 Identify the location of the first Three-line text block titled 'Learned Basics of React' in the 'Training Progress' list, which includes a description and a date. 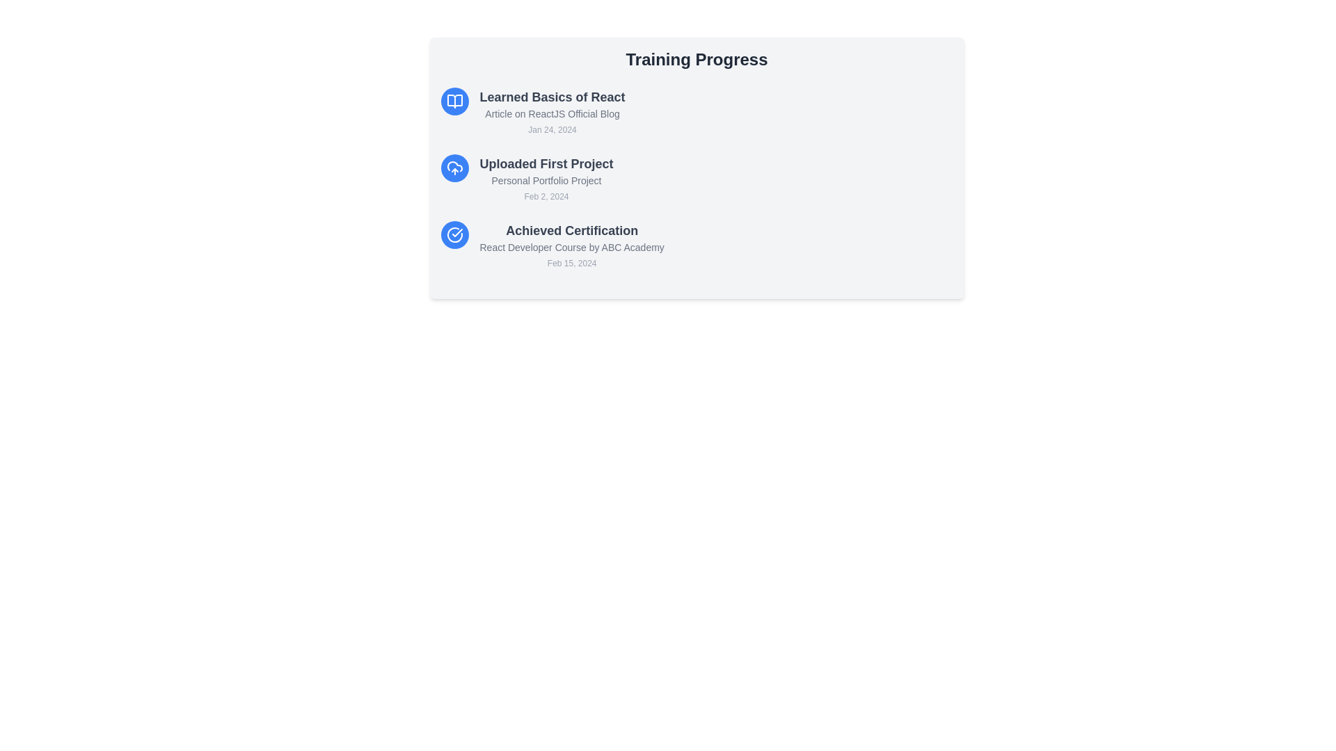
(552, 112).